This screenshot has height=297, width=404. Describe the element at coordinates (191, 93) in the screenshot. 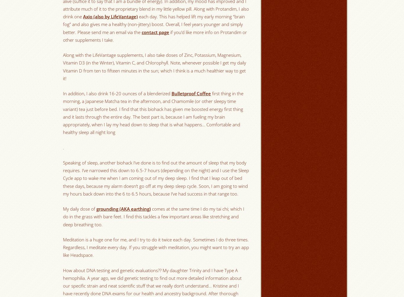

I see `'Bulletproof Coffee'` at that location.